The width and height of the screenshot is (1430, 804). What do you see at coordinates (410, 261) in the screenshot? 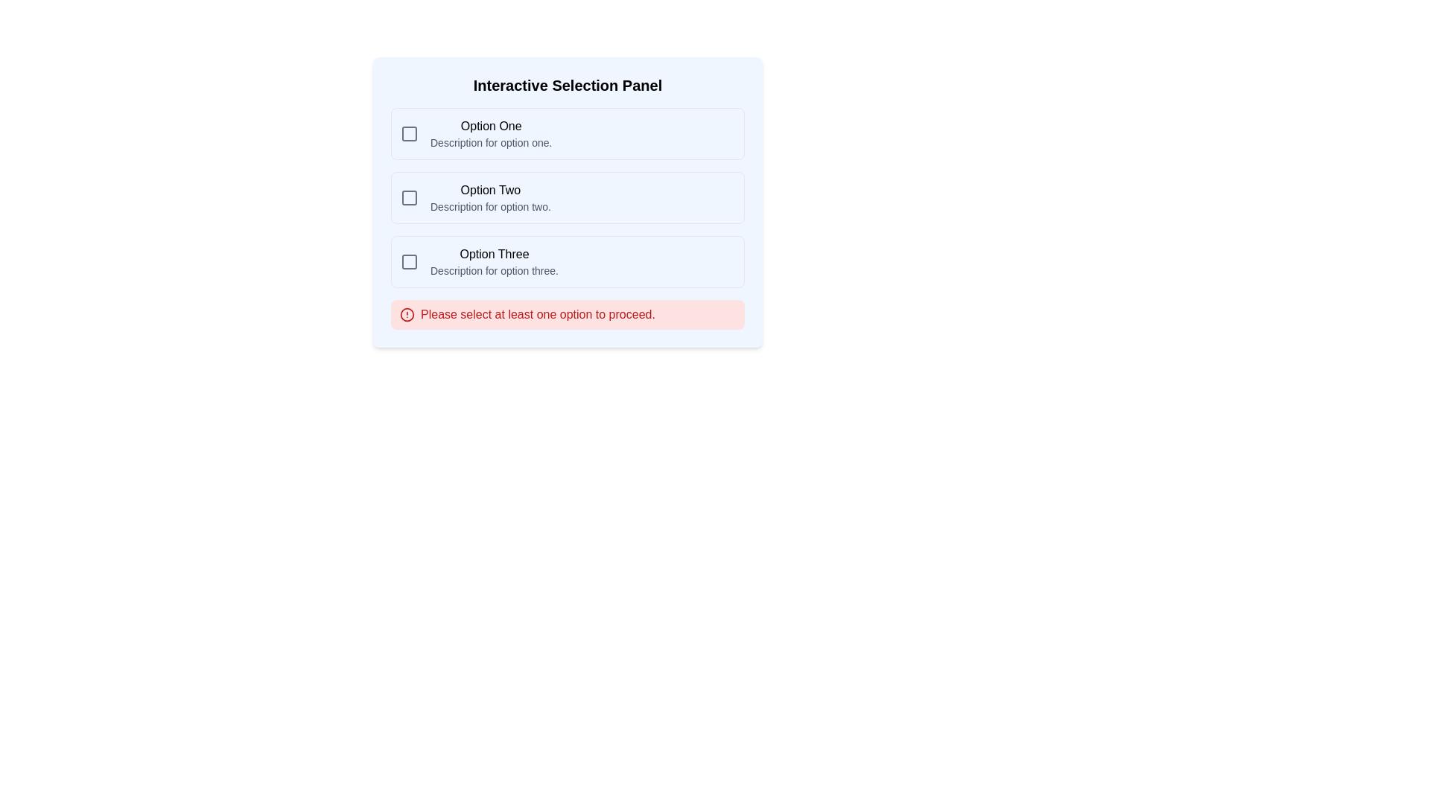
I see `the button that allows users to select or deselect 'Option Three', located in the third row of the selection panel for visual feedback` at bounding box center [410, 261].